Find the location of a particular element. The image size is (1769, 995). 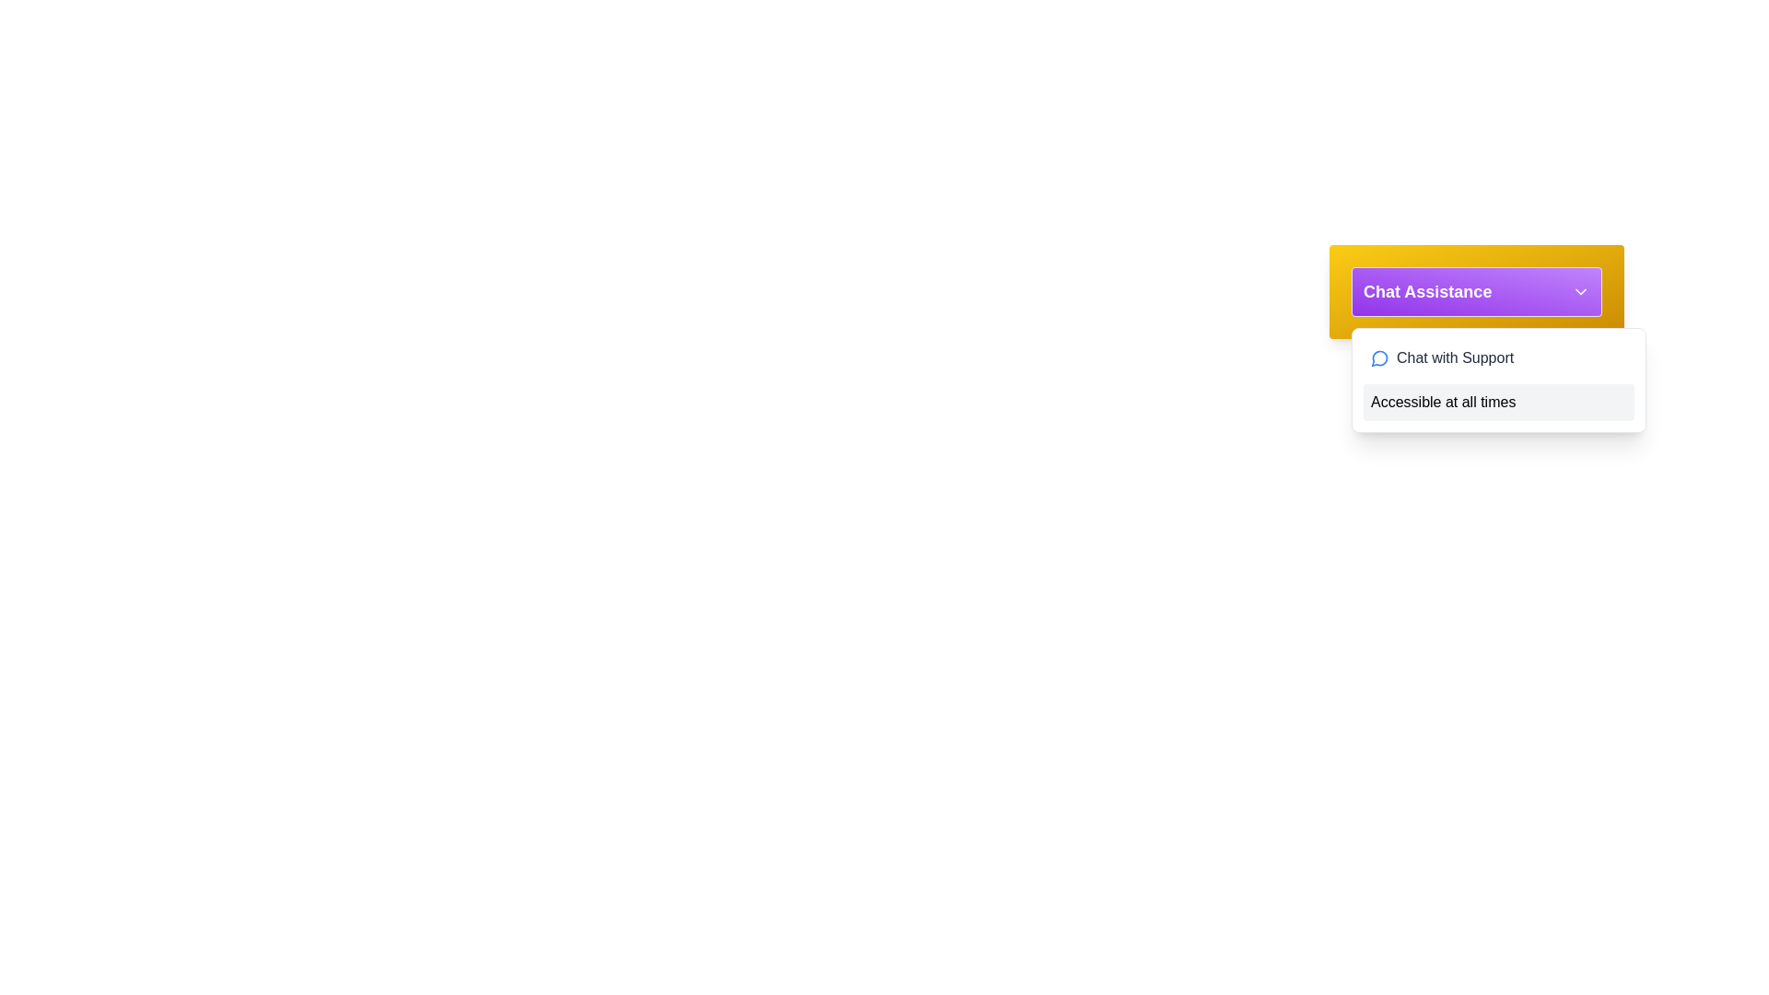

informational content of the dropdown menu item labeled 'Chat with Support' and 'Accessible at all times', which is located beneath the 'Chat Assistance' button is located at coordinates (1499, 379).